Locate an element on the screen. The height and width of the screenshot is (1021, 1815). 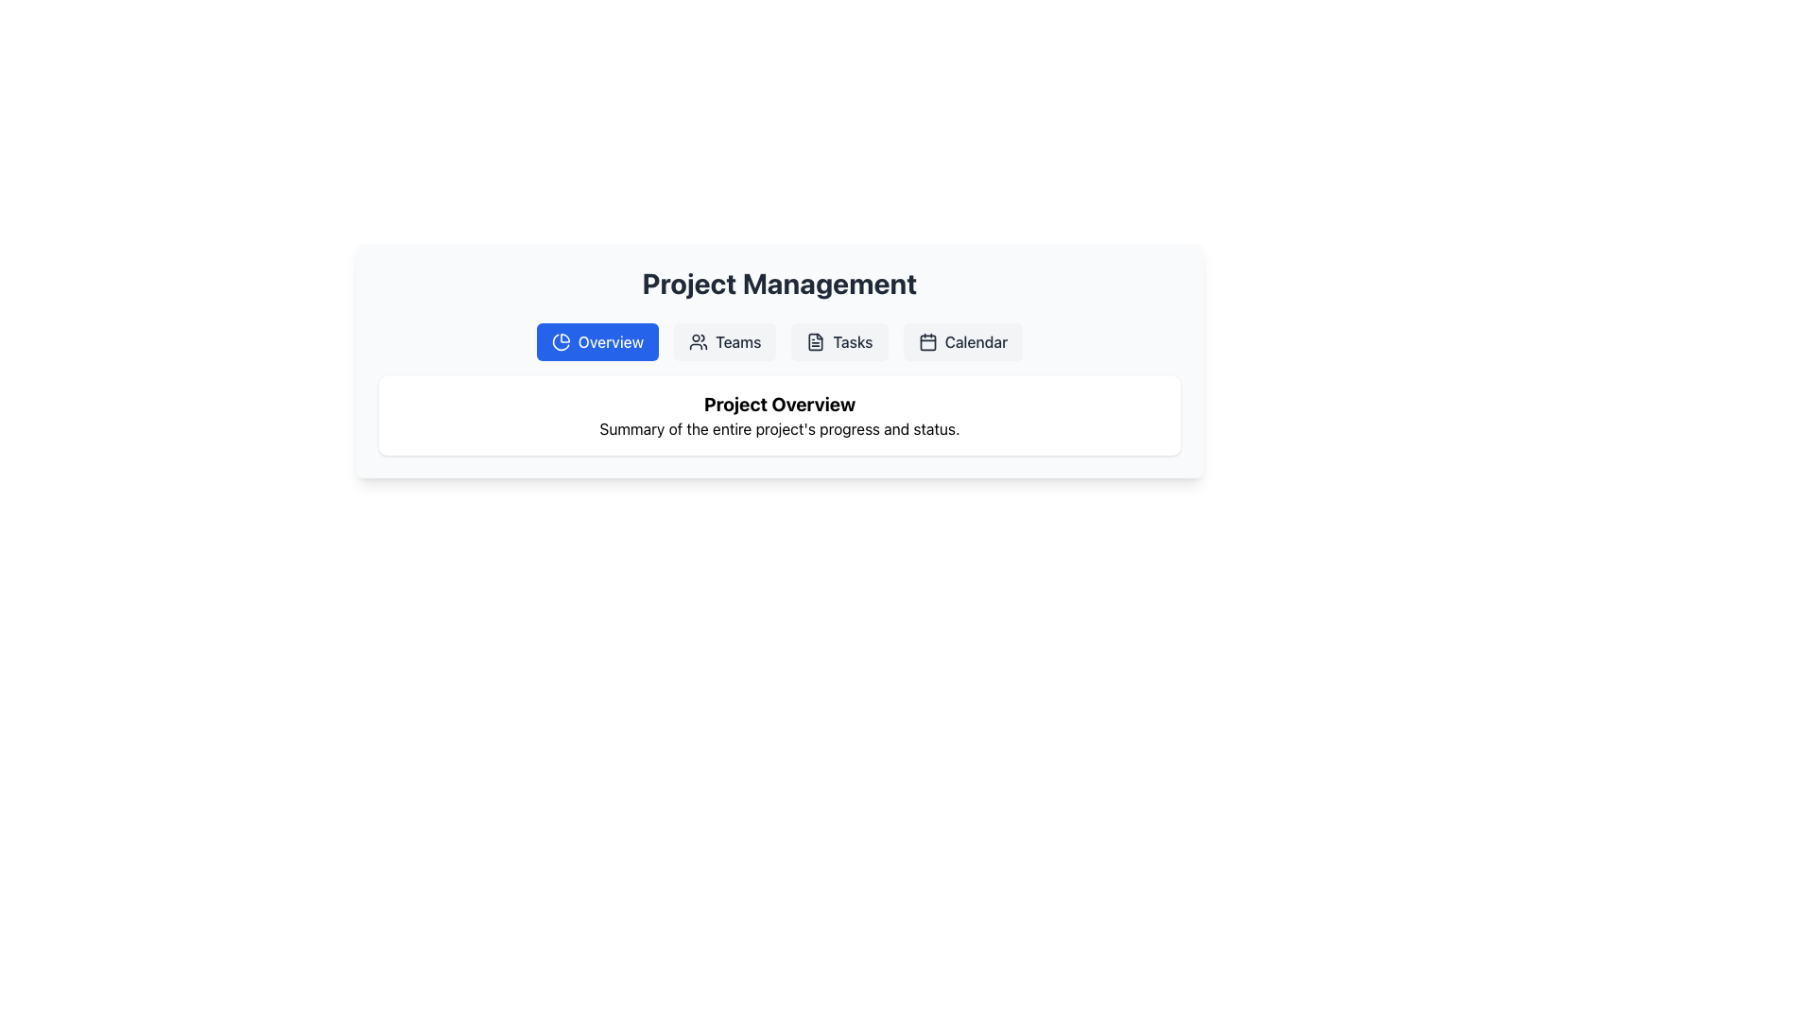
text content of the heading 'Project Overview', which is bold and large, centrally aligned above the descriptive text is located at coordinates (780, 404).